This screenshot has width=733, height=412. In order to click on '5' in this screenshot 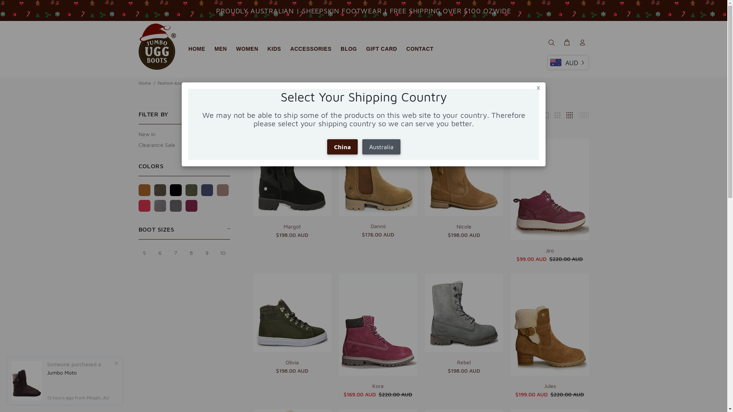, I will do `click(144, 253)`.